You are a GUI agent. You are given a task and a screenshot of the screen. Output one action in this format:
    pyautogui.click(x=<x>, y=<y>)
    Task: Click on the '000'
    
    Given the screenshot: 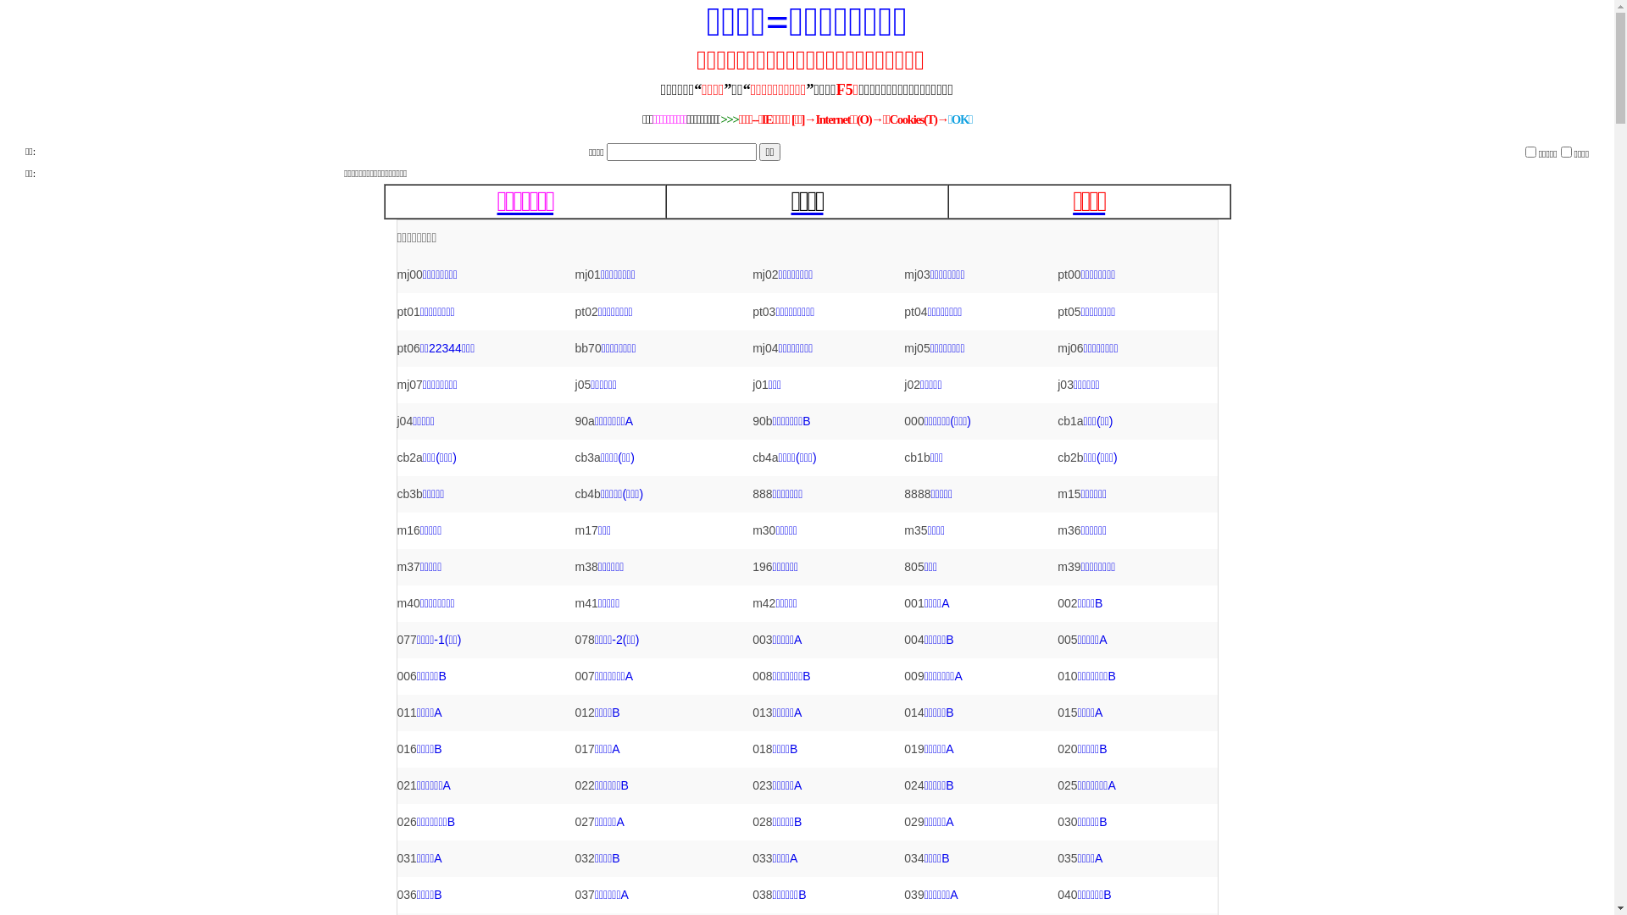 What is the action you would take?
    pyautogui.click(x=913, y=420)
    